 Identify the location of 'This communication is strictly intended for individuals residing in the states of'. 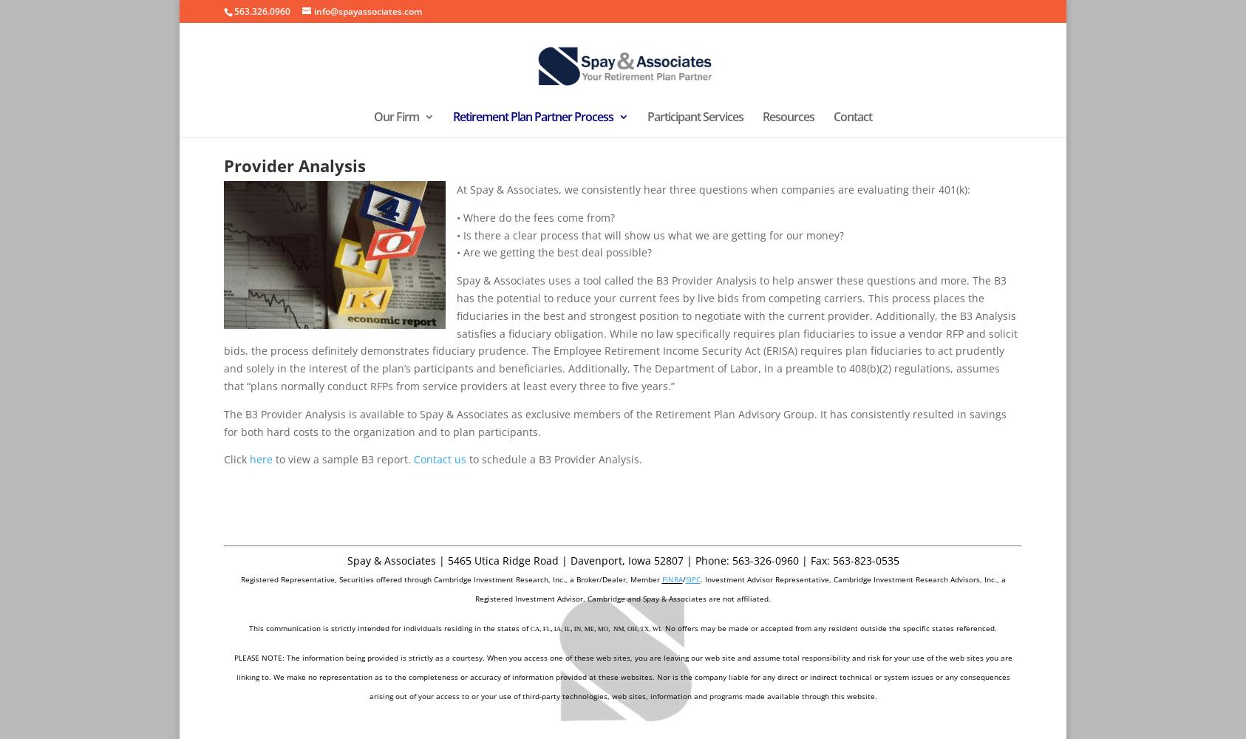
(389, 627).